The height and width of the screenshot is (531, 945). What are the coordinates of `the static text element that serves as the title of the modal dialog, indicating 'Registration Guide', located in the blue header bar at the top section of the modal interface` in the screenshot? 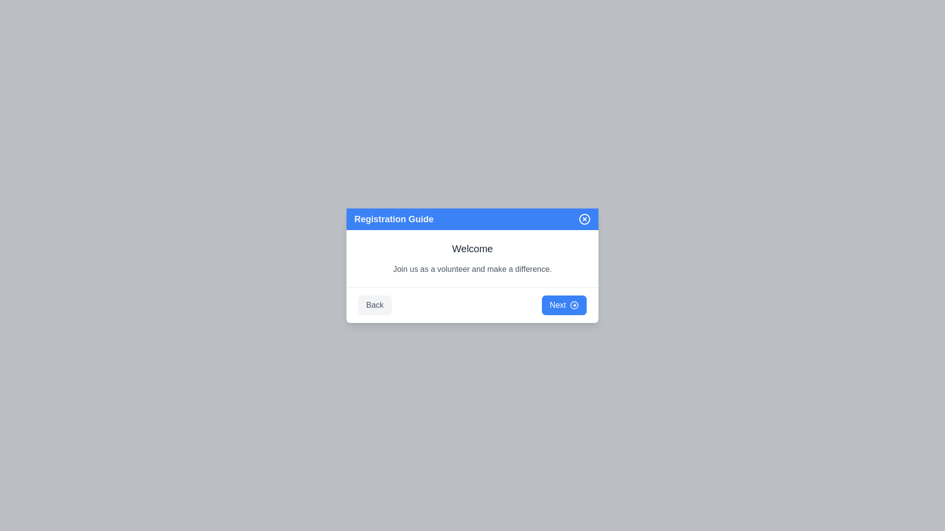 It's located at (394, 218).